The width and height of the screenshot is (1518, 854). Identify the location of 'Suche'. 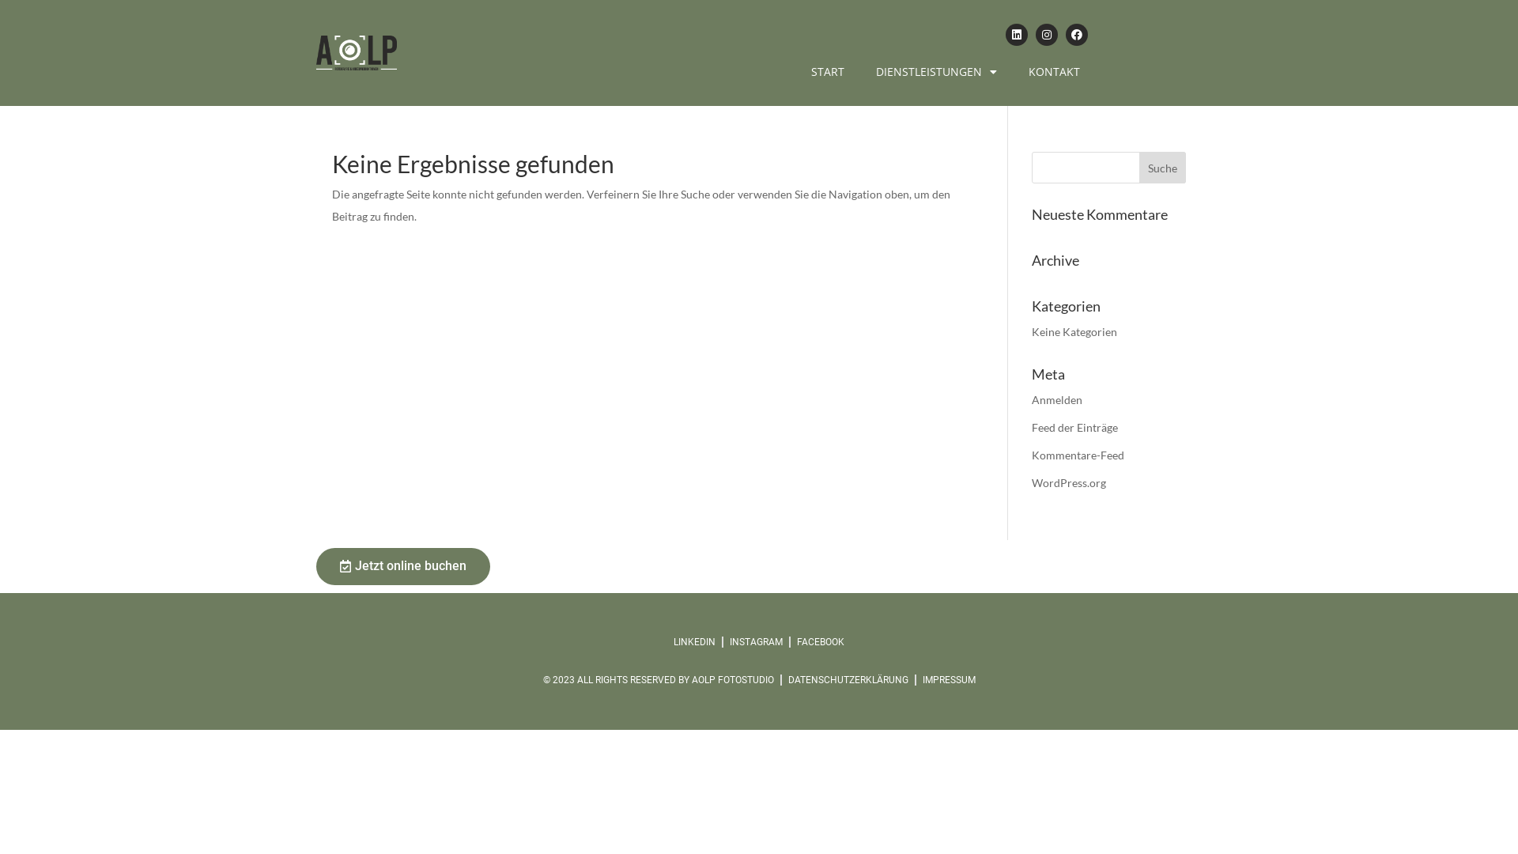
(1162, 168).